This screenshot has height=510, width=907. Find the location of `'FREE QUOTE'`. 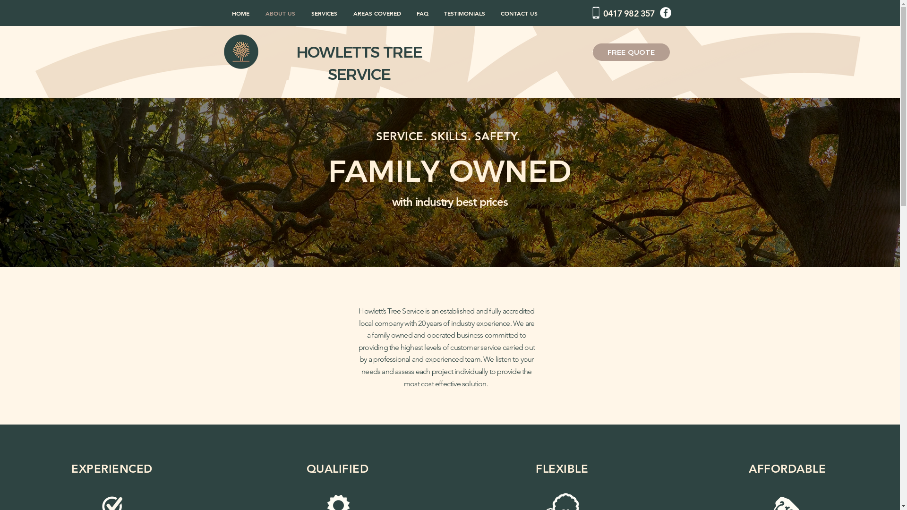

'FREE QUOTE' is located at coordinates (631, 52).